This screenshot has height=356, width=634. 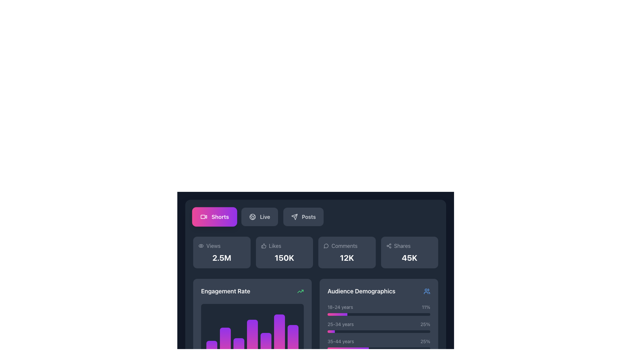 I want to click on the progress bar segment located at the bottom portion of the interface, which visually indicates the progress of a task, specifically at the starting section occupying approximately 7.1% of the total width, so click(x=331, y=332).